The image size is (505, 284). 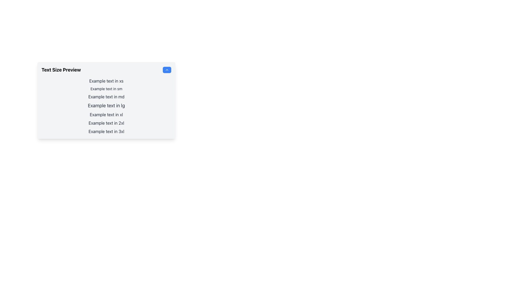 I want to click on the horizontally centered text element displaying 'Example text in md' which is styled with medium-sized gray text and positioned between 'Example text in sm' and 'Example text in lg', so click(x=106, y=97).